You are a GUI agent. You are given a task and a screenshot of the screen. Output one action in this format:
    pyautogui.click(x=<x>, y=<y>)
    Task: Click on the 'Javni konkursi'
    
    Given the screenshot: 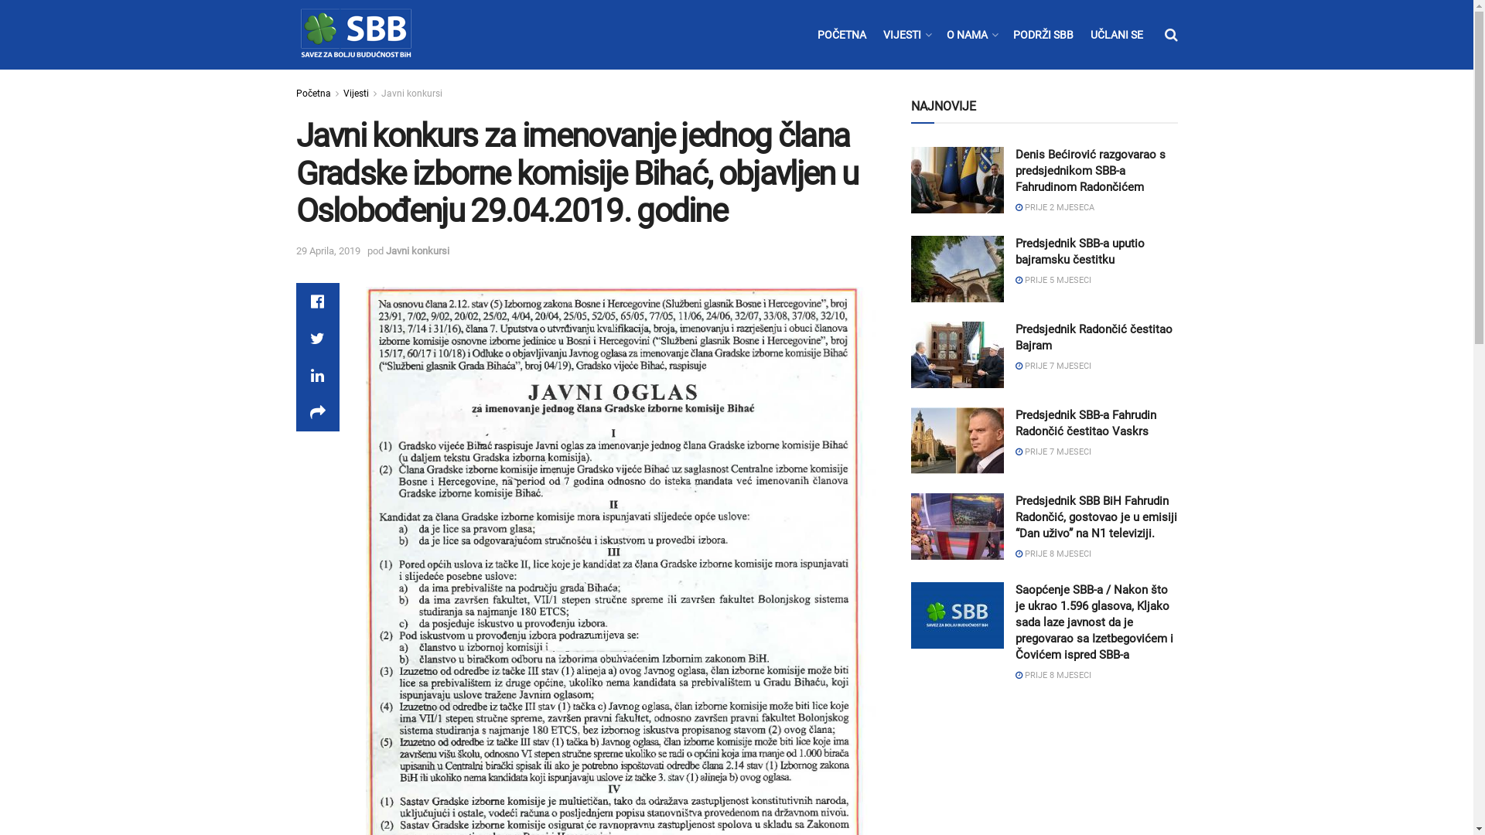 What is the action you would take?
    pyautogui.click(x=411, y=93)
    